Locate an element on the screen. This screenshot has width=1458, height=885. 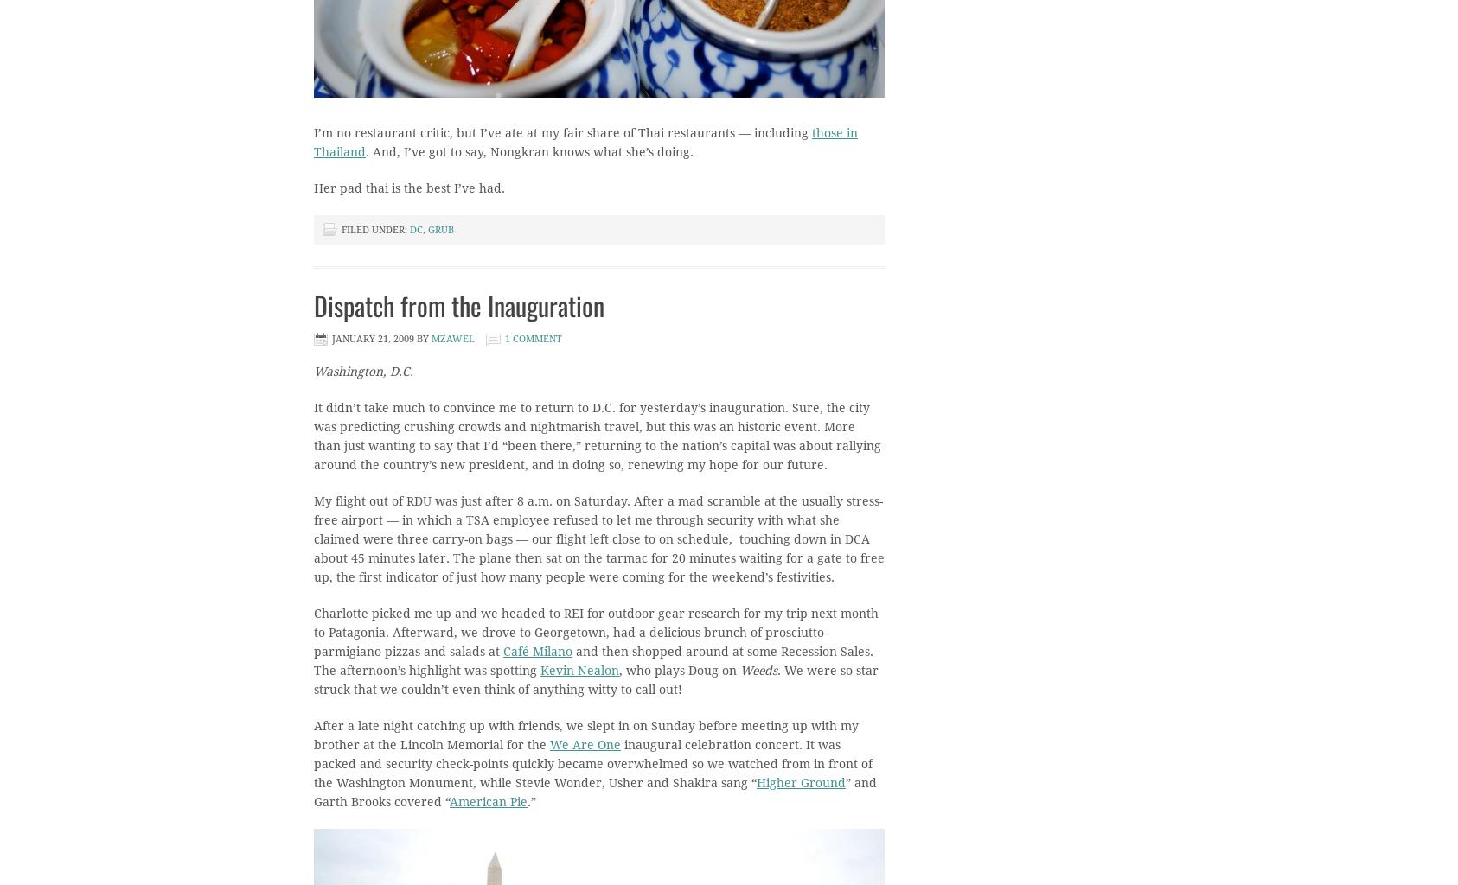
'Kevin Nealon' is located at coordinates (579, 670).